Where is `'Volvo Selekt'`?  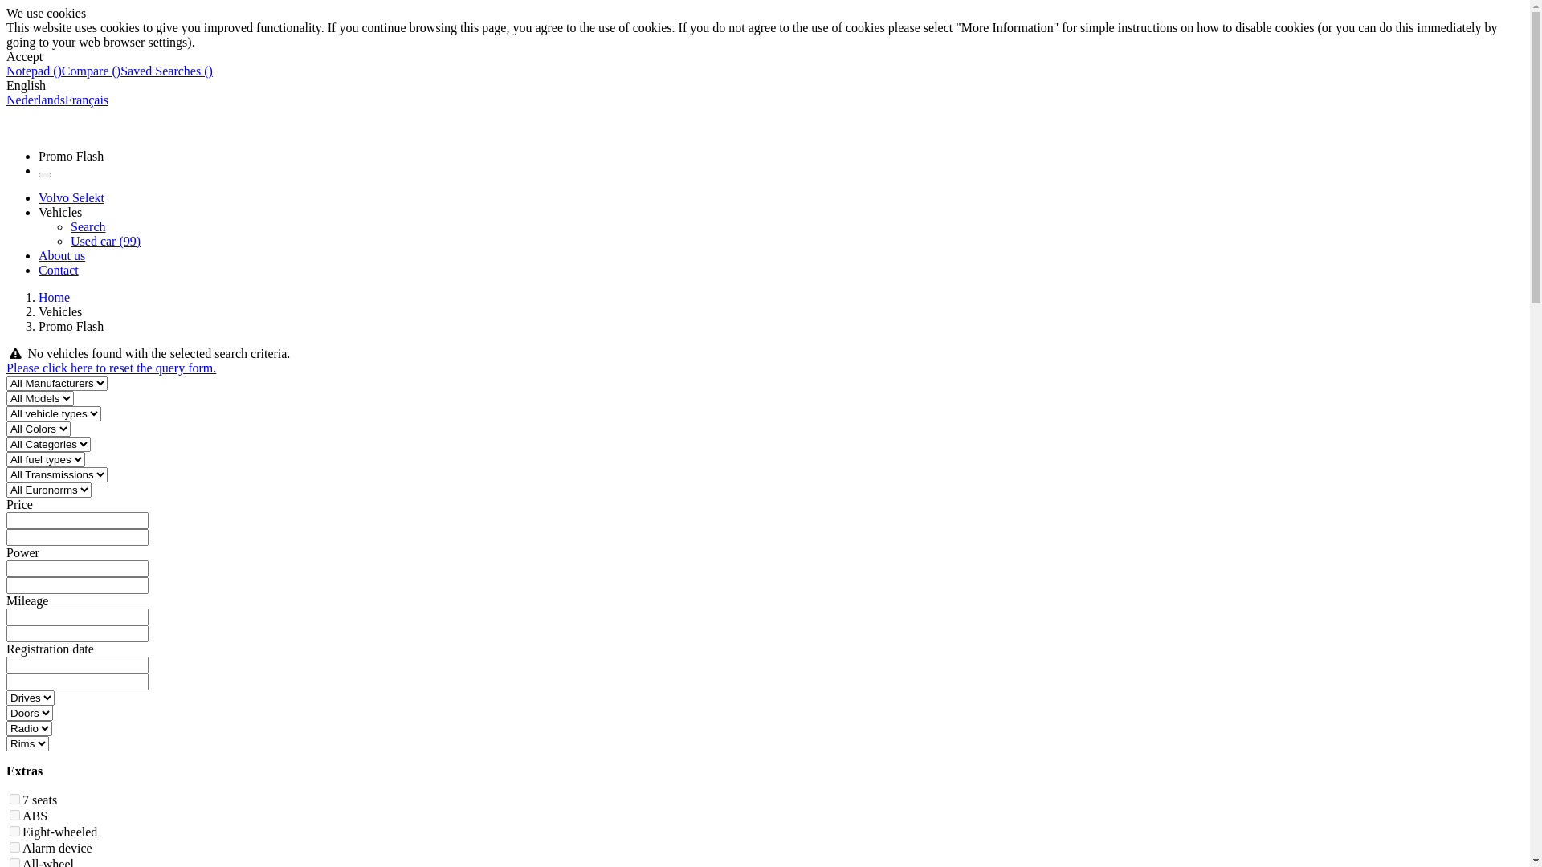 'Volvo Selekt' is located at coordinates (71, 197).